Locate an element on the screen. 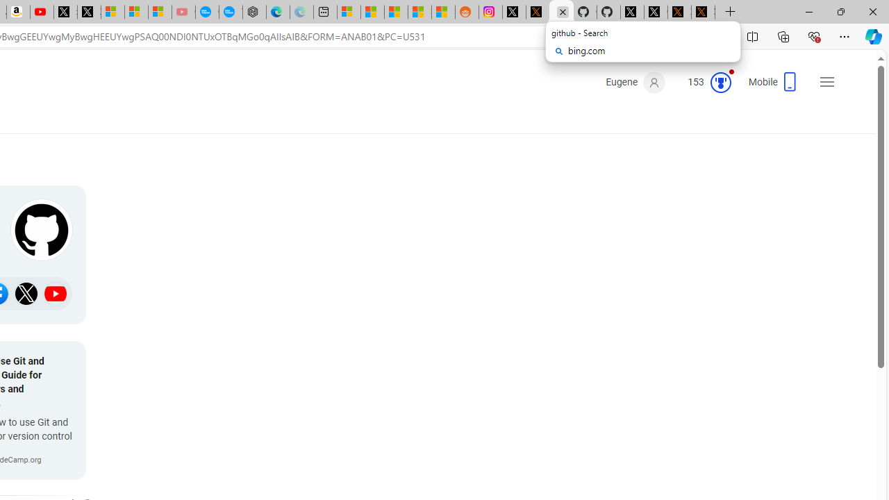 The height and width of the screenshot is (500, 889). 'Class: b_sitlk' is located at coordinates (56, 293).